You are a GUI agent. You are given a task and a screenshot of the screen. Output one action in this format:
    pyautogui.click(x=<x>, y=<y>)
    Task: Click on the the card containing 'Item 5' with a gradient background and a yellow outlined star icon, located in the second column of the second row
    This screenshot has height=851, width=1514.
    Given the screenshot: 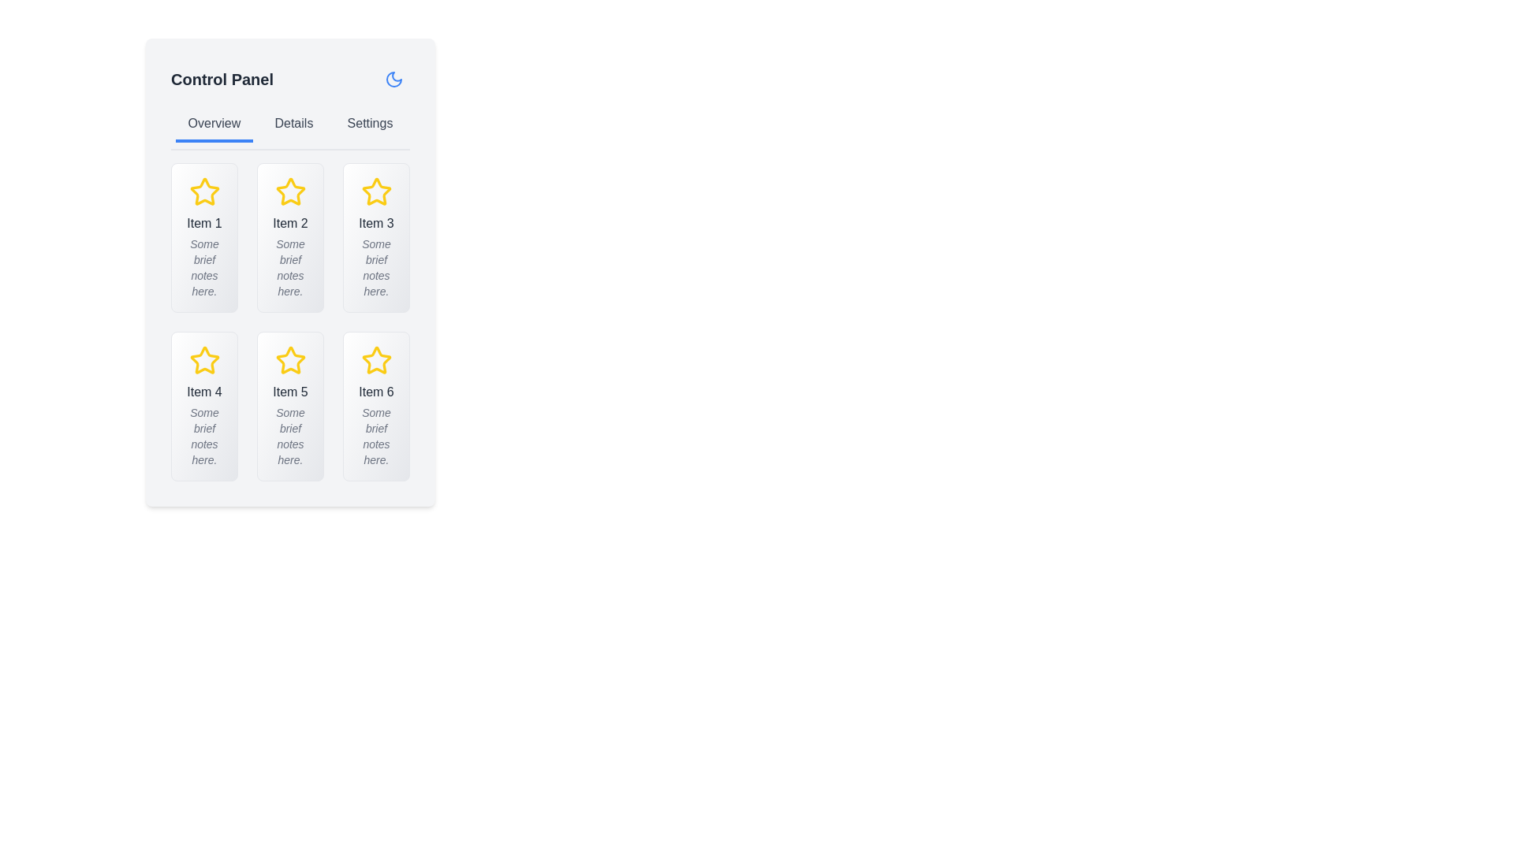 What is the action you would take?
    pyautogui.click(x=290, y=406)
    